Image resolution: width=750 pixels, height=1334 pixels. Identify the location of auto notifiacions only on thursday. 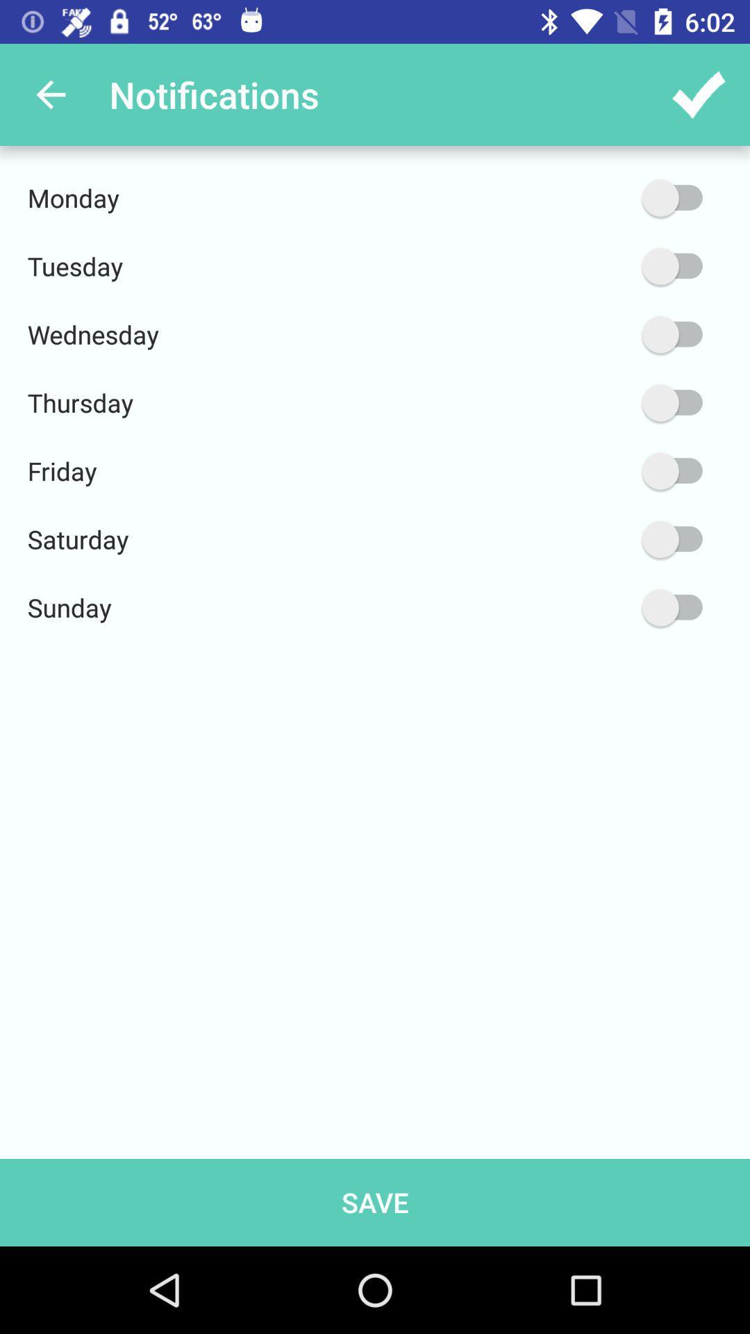
(606, 402).